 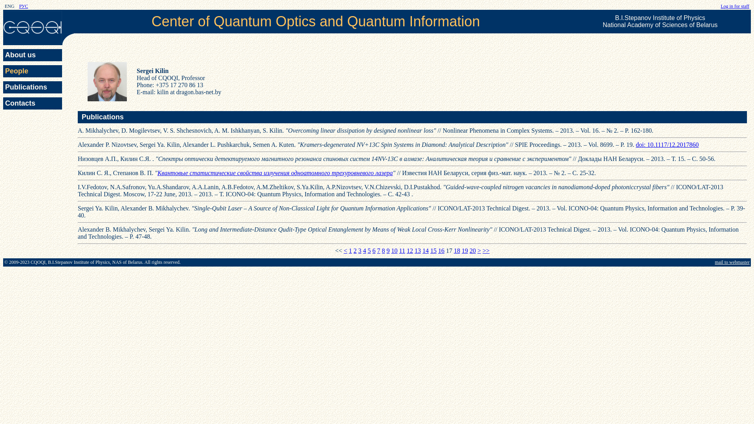 I want to click on '13', so click(x=414, y=250).